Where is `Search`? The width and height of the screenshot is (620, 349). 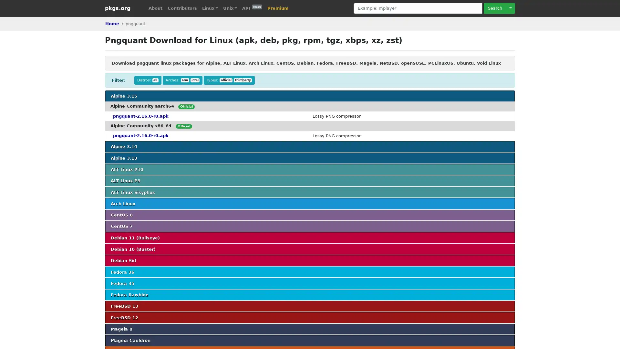 Search is located at coordinates (494, 8).